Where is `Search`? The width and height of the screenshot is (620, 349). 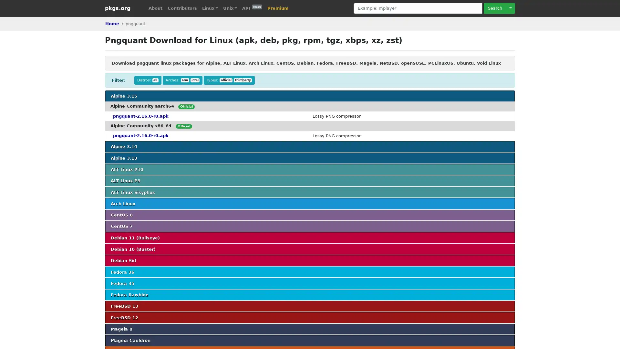 Search is located at coordinates (494, 8).